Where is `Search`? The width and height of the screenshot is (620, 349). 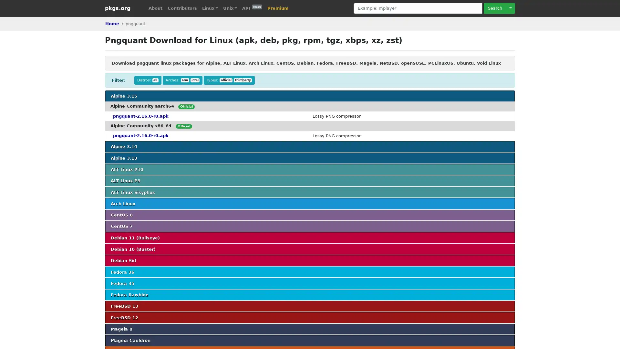 Search is located at coordinates (494, 8).